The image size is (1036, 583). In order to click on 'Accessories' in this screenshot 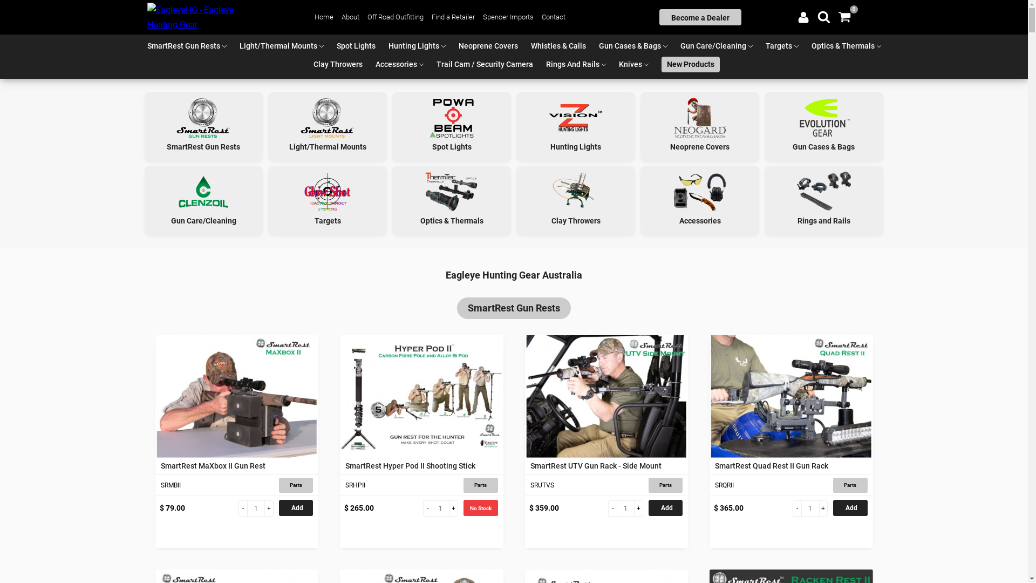, I will do `click(396, 64)`.